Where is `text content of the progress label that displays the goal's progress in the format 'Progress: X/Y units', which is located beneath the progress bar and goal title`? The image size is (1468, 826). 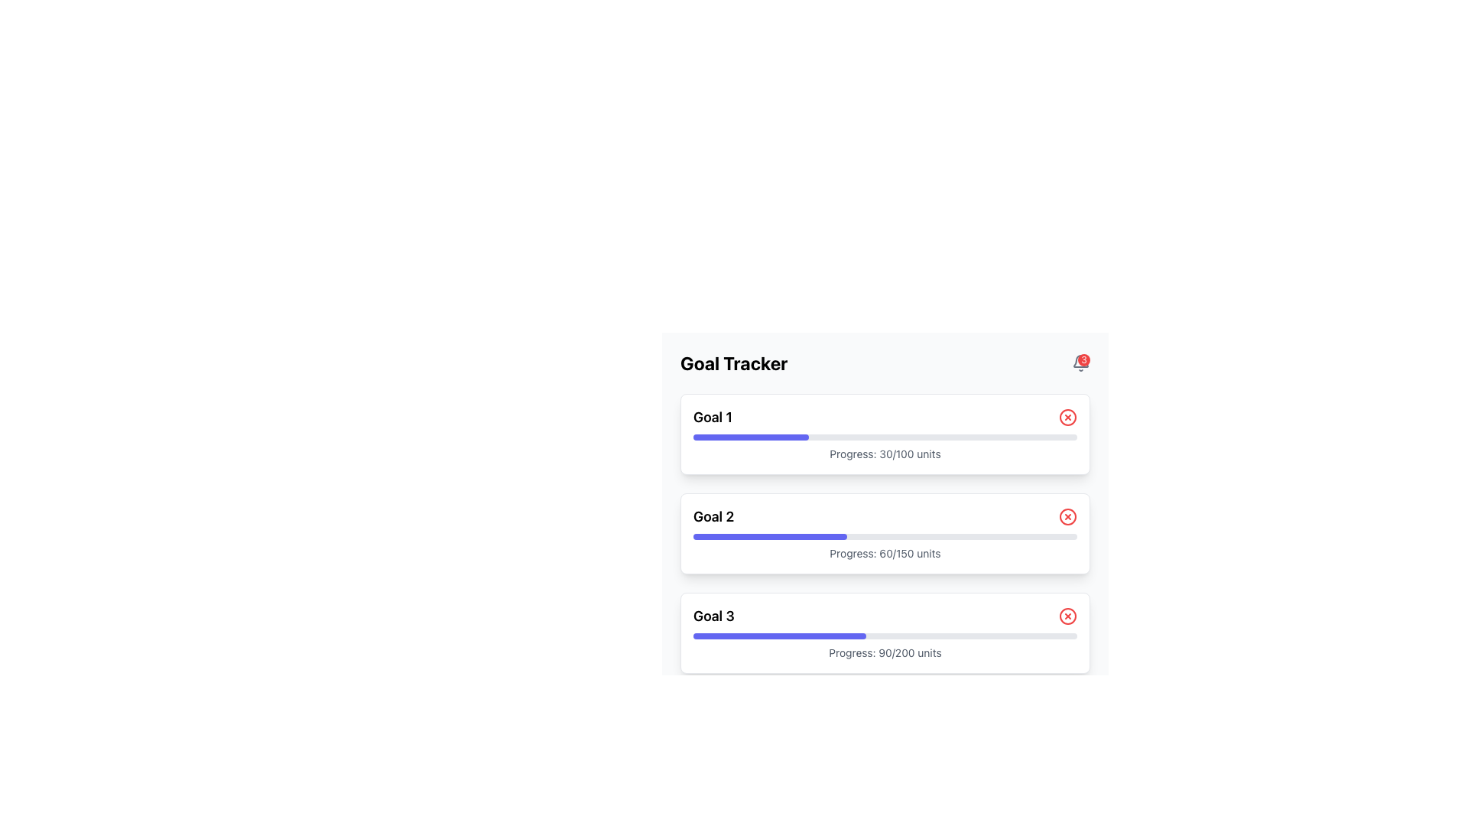 text content of the progress label that displays the goal's progress in the format 'Progress: X/Y units', which is located beneath the progress bar and goal title is located at coordinates (885, 652).